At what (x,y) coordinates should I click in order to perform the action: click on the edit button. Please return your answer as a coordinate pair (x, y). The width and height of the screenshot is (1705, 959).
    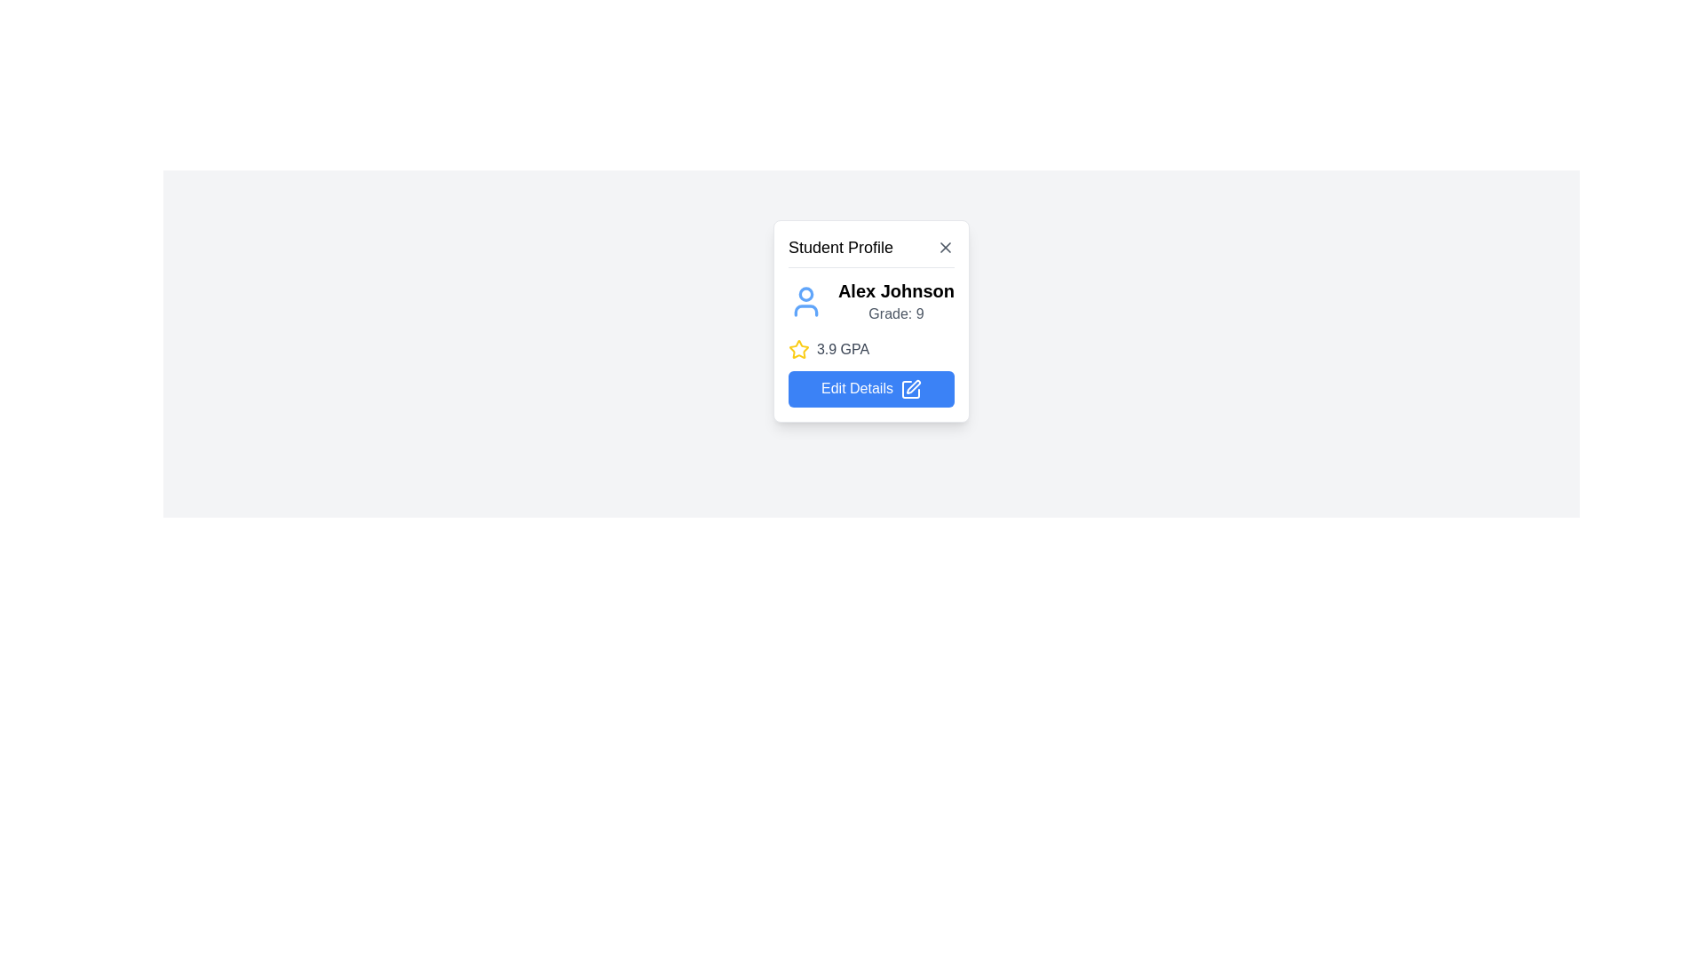
    Looking at the image, I should click on (870, 372).